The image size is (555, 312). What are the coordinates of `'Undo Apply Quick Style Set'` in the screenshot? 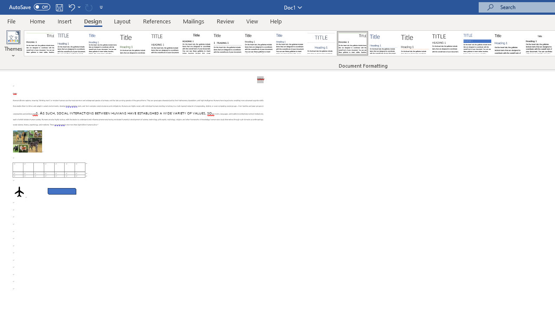 It's located at (71, 7).